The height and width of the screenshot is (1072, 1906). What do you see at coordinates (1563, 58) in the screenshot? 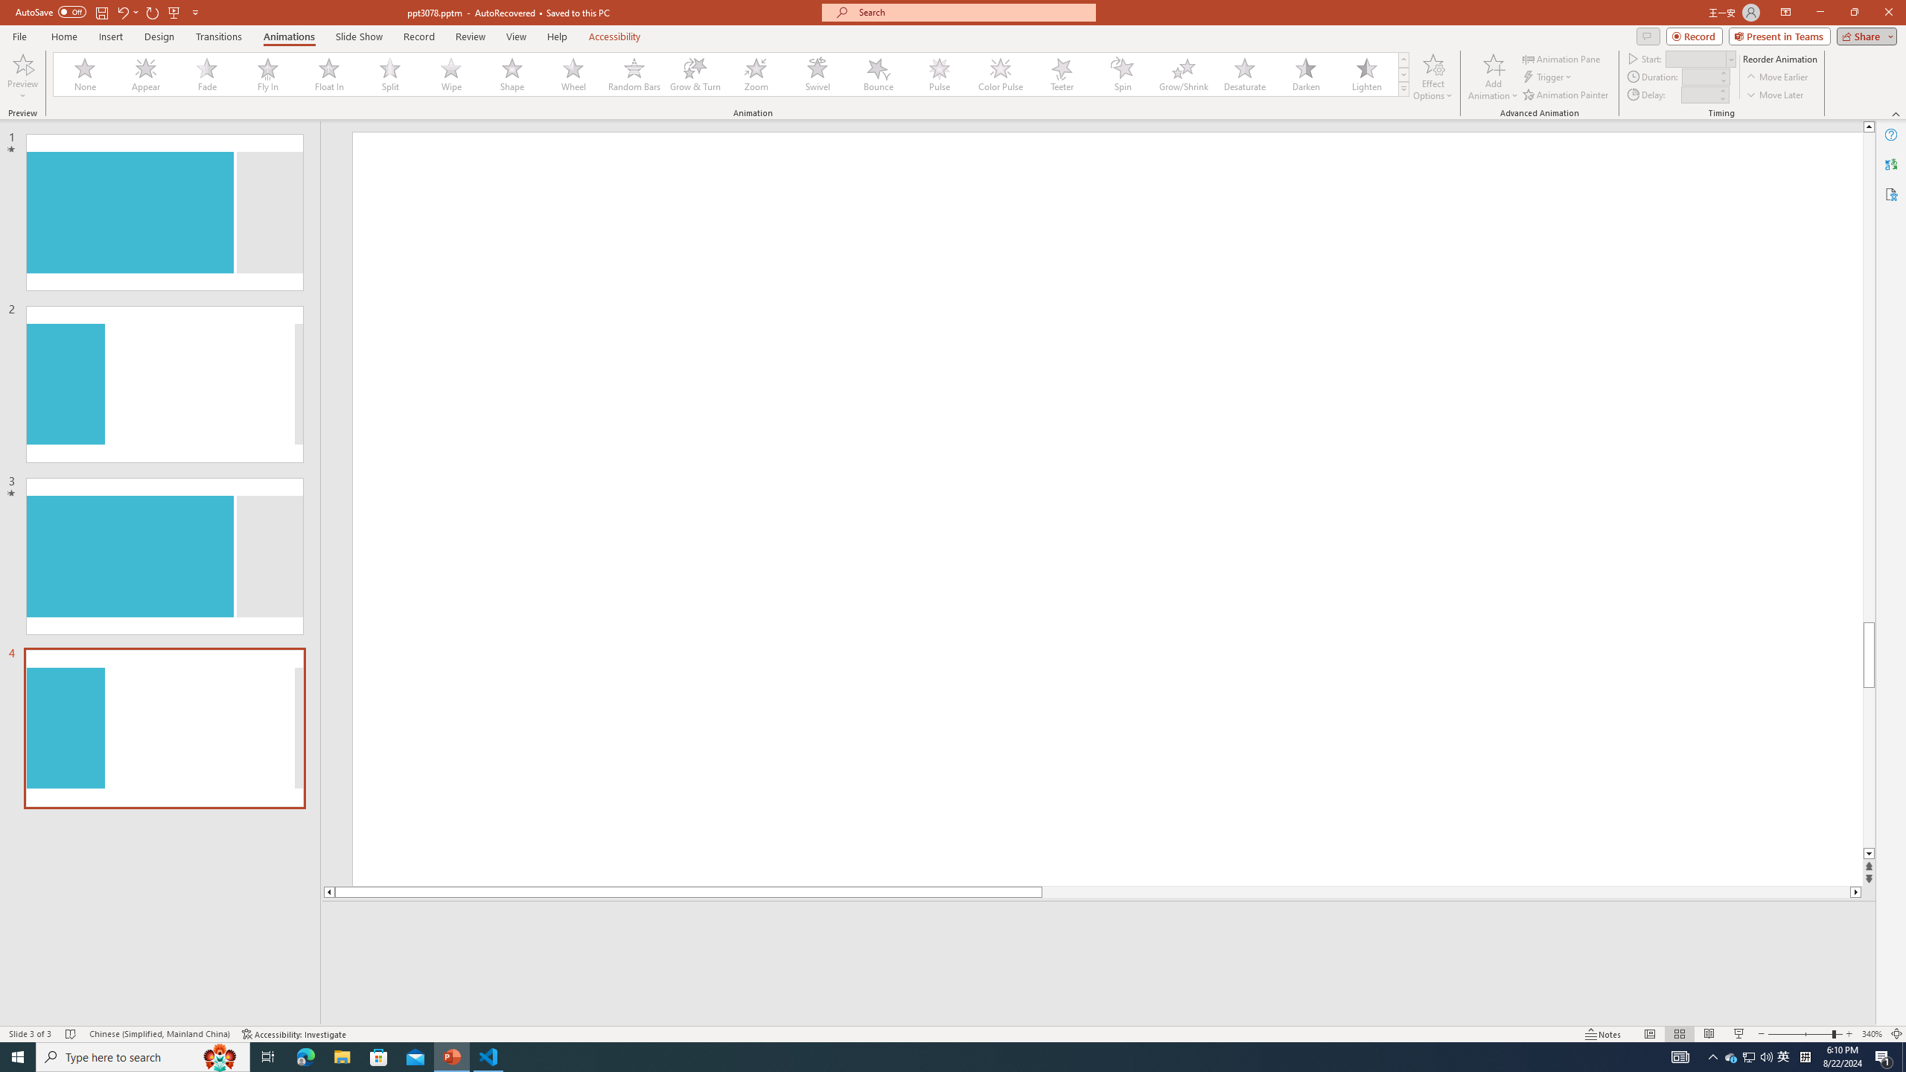
I see `'Animation Pane'` at bounding box center [1563, 58].